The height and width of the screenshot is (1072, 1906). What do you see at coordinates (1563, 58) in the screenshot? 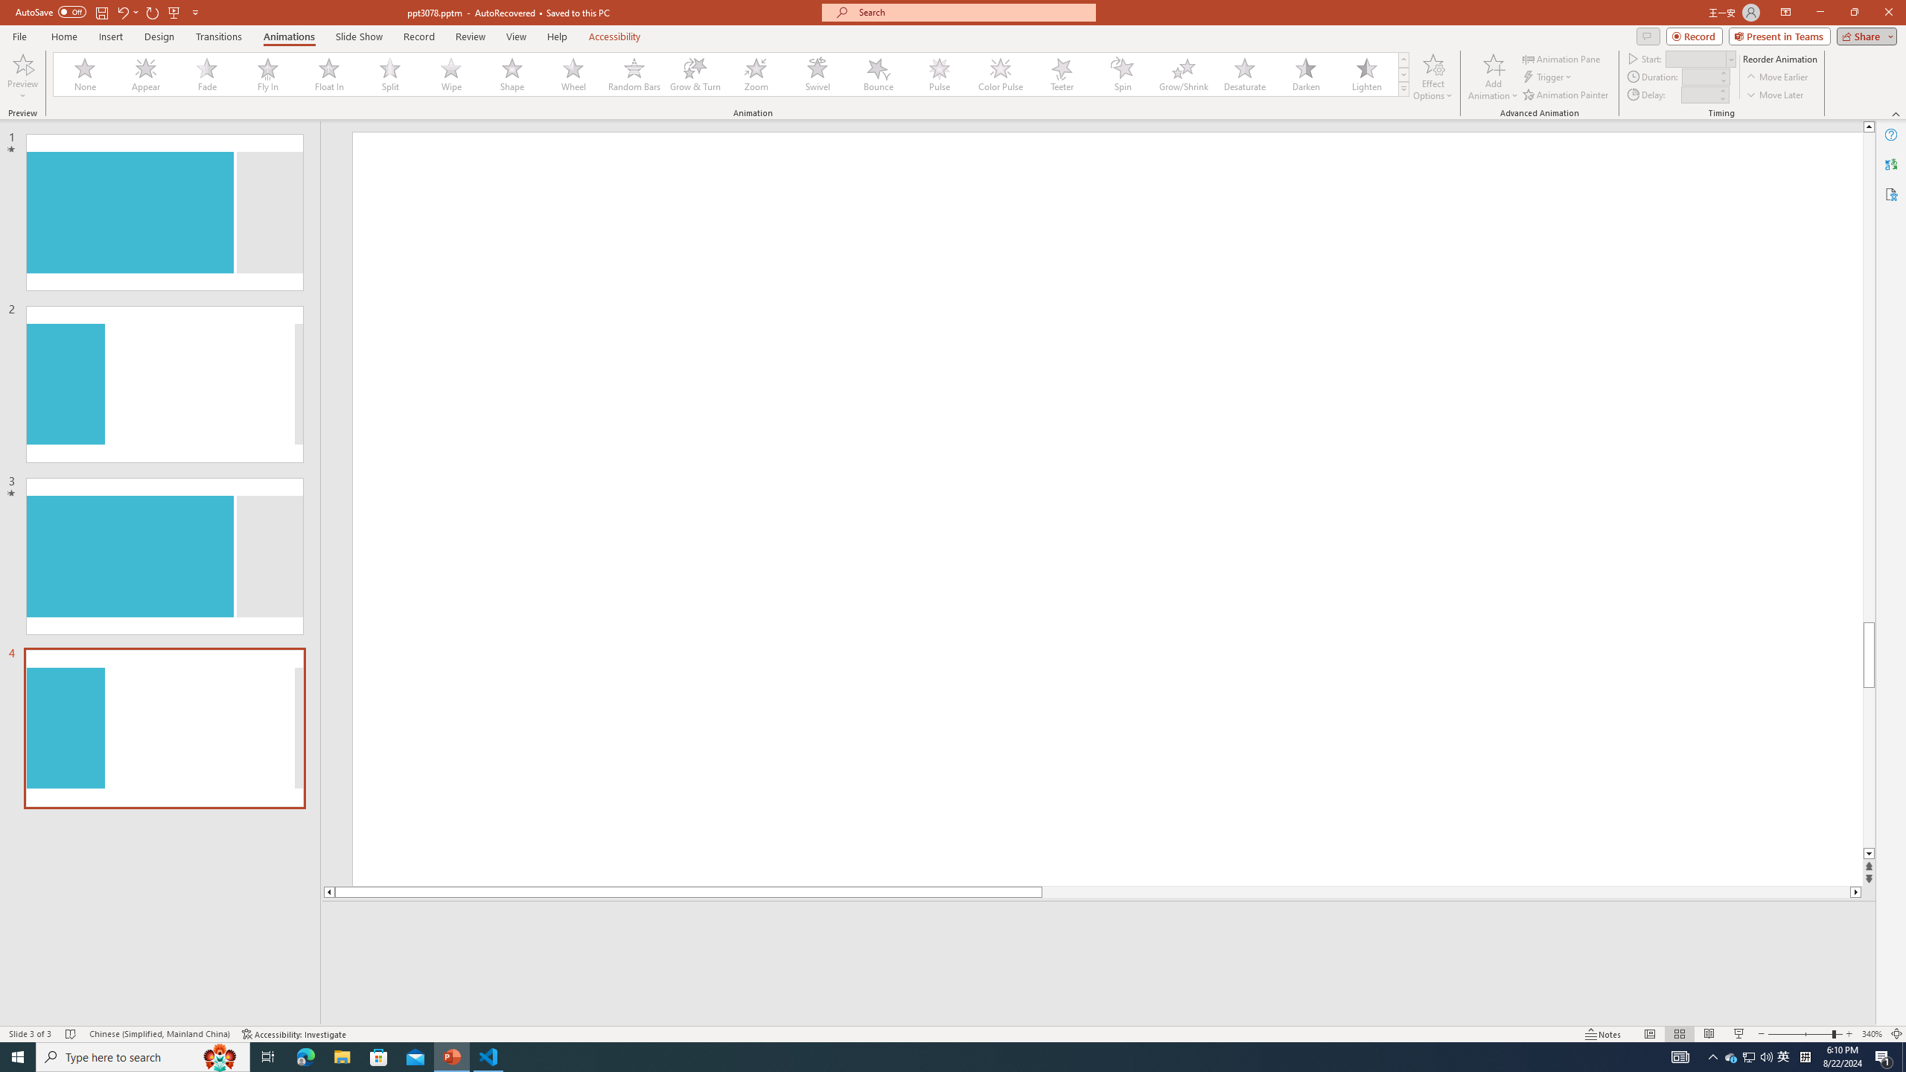
I see `'Animation Pane'` at bounding box center [1563, 58].